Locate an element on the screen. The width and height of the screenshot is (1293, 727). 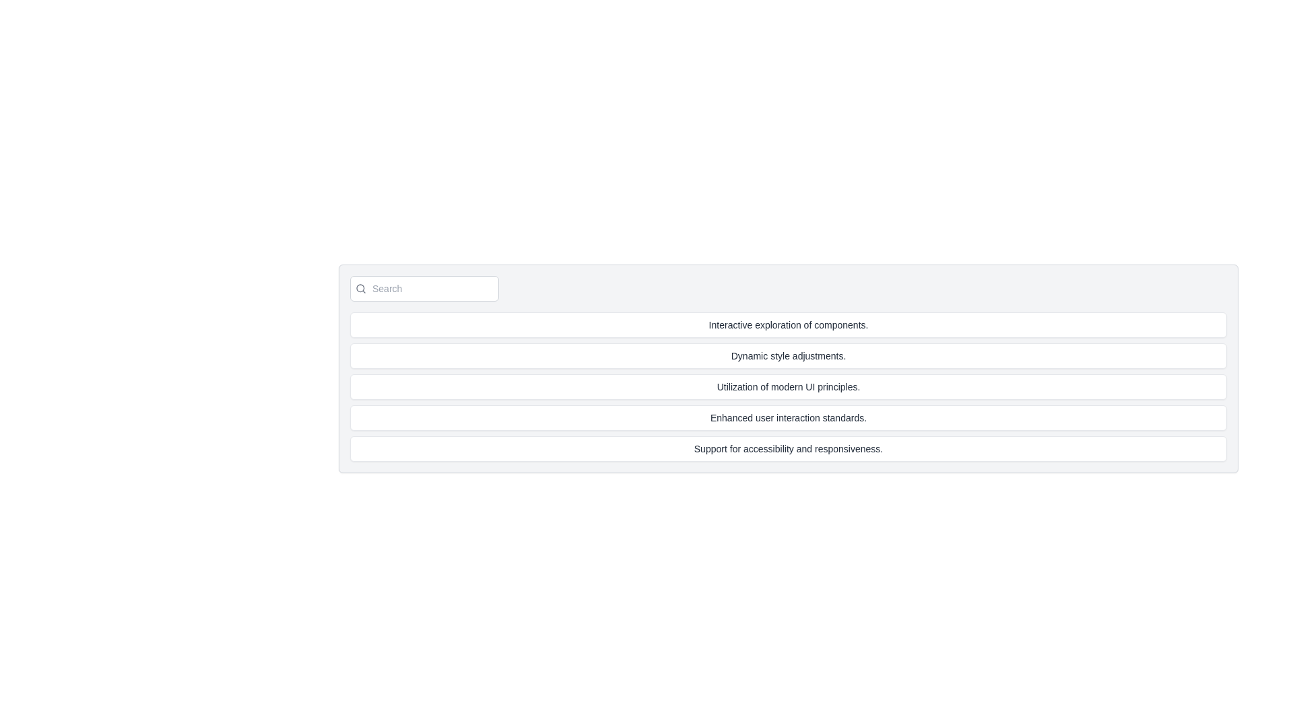
the lowercase letter 'a' in the word 'exploration' to enhance accessibility is located at coordinates (783, 324).